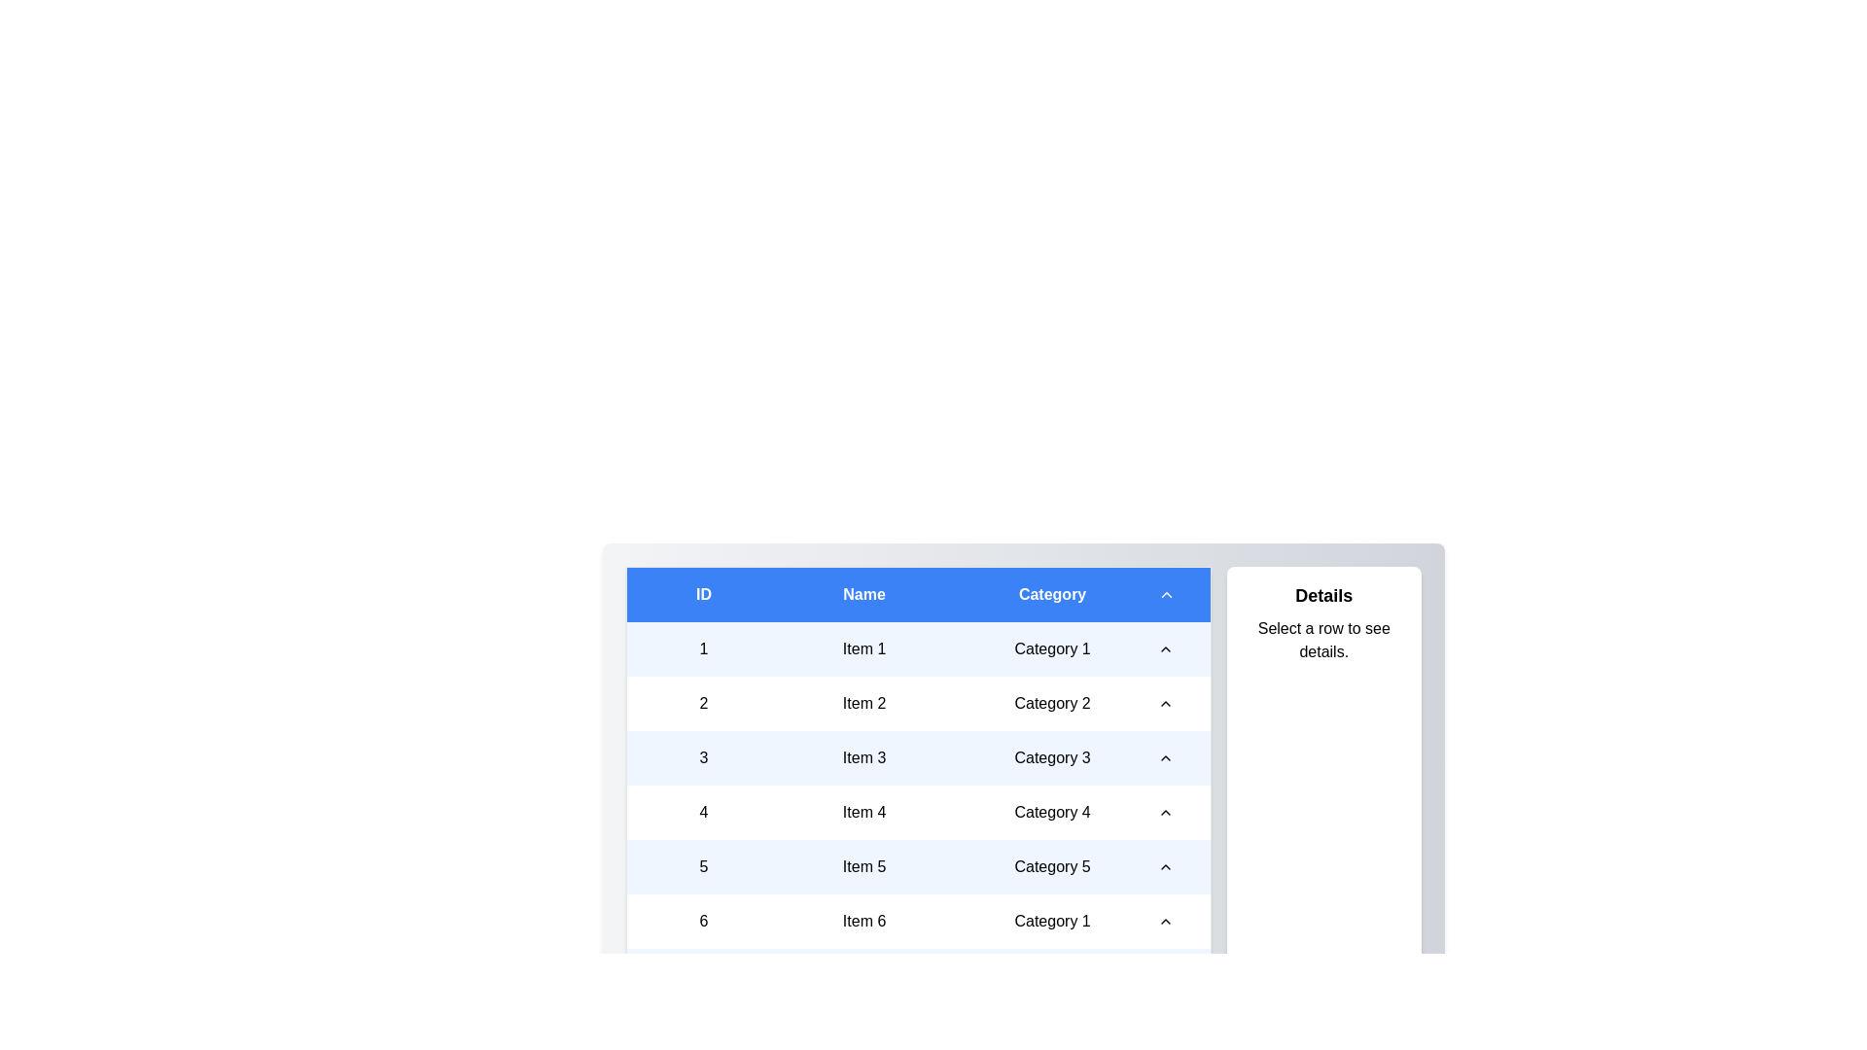 The height and width of the screenshot is (1050, 1867). What do you see at coordinates (917, 593) in the screenshot?
I see `the header of the column to sort the table by that column` at bounding box center [917, 593].